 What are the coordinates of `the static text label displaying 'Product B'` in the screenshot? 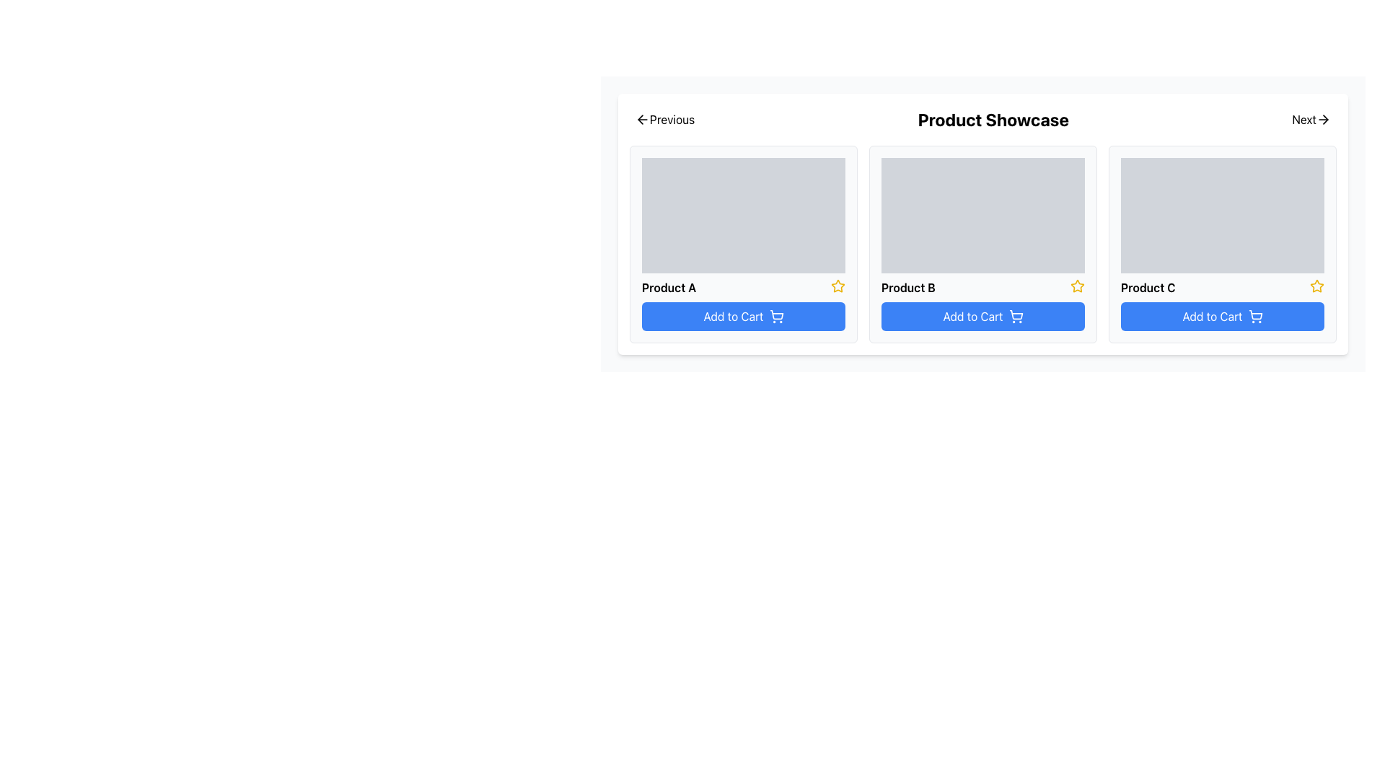 It's located at (907, 287).